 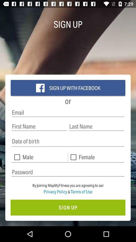 What do you see at coordinates (68, 172) in the screenshot?
I see `password` at bounding box center [68, 172].